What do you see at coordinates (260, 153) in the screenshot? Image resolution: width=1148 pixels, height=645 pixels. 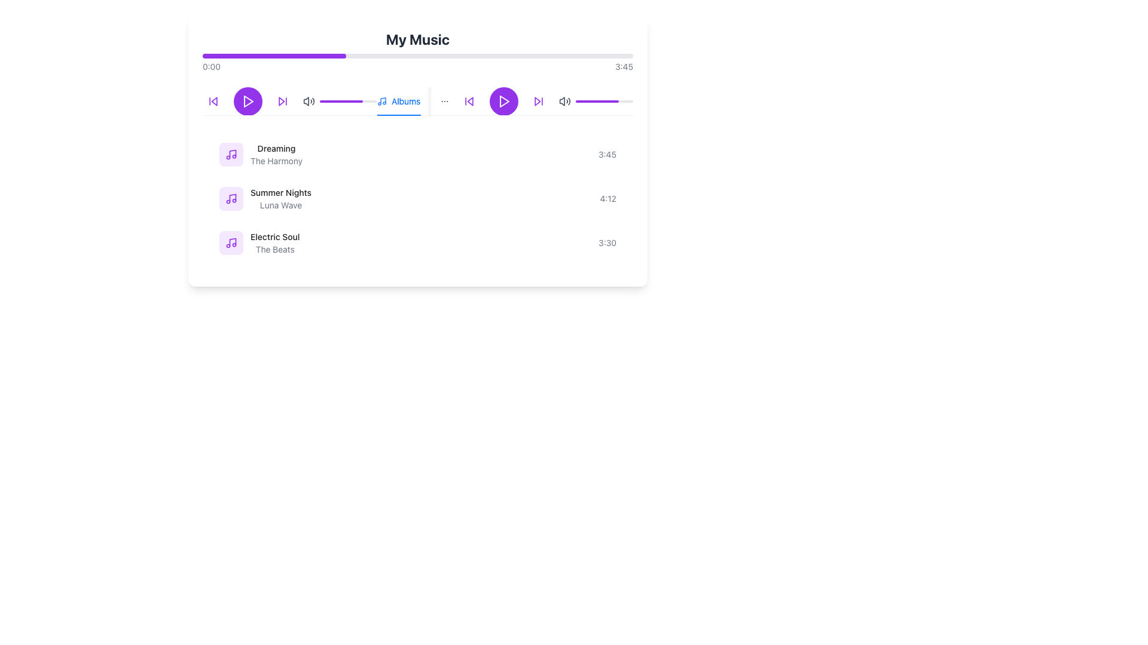 I see `the music track label displaying 'Dreaming' in bold and 'The Harmony' in lighter gray, located in the upper section of the list below the player controls` at bounding box center [260, 153].